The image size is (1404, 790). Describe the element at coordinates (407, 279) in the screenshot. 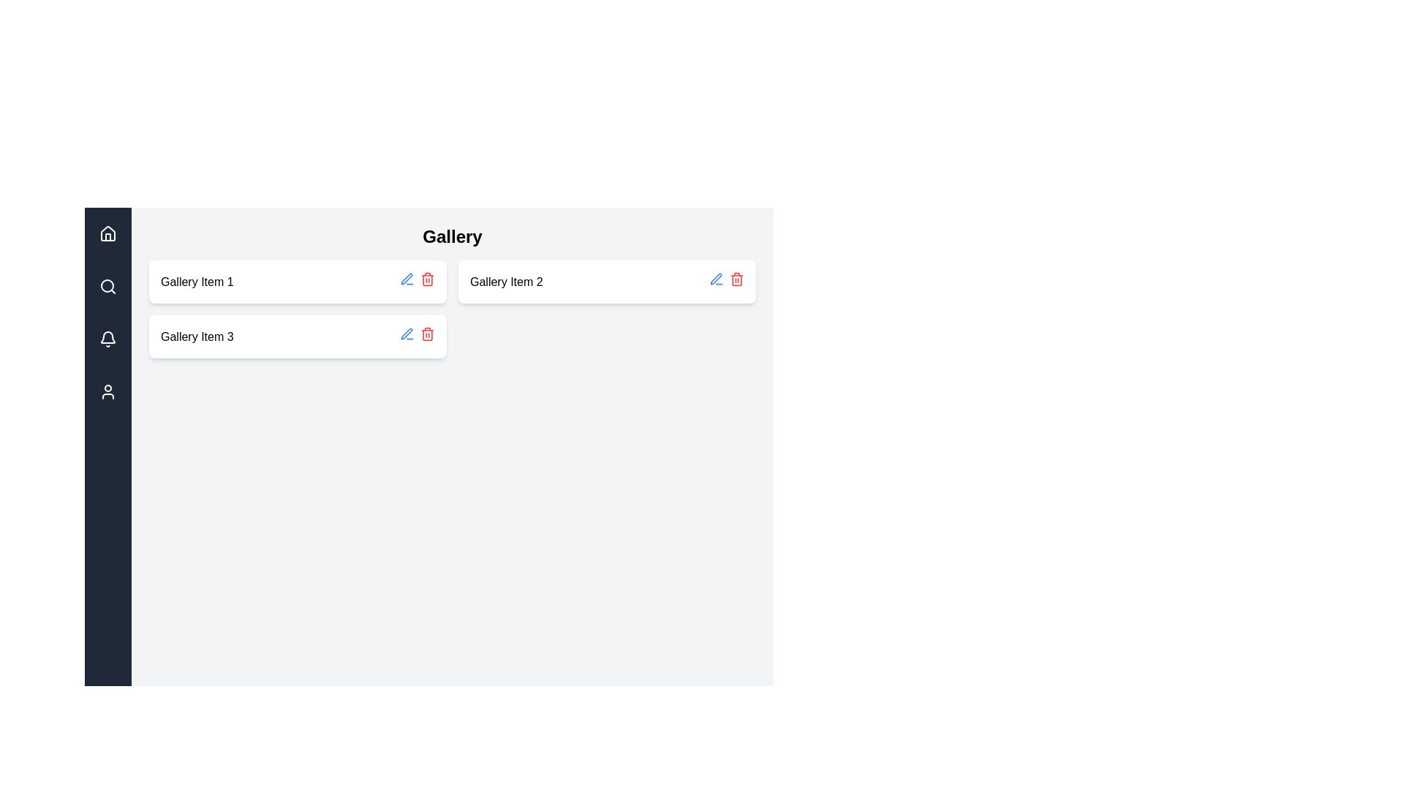

I see `the blue pen icon` at that location.